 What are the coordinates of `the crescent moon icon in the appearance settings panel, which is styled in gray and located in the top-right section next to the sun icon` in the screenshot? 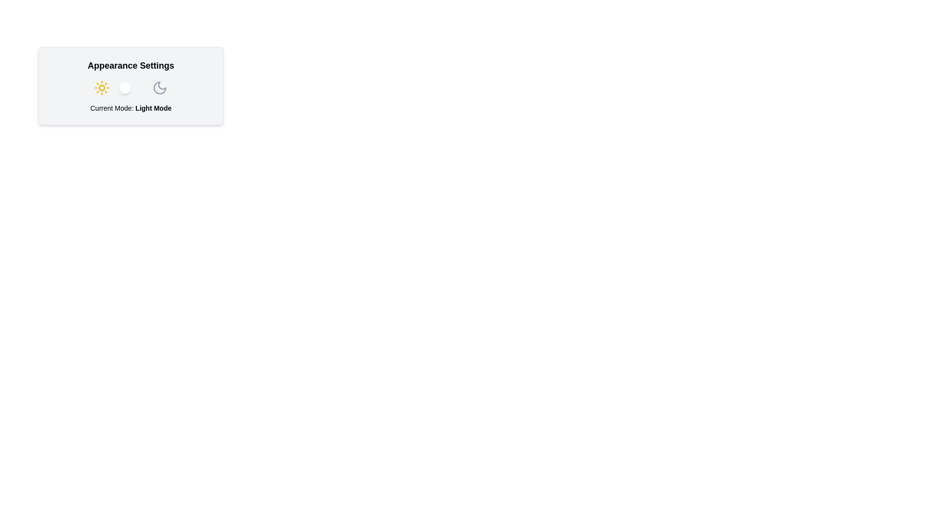 It's located at (160, 87).